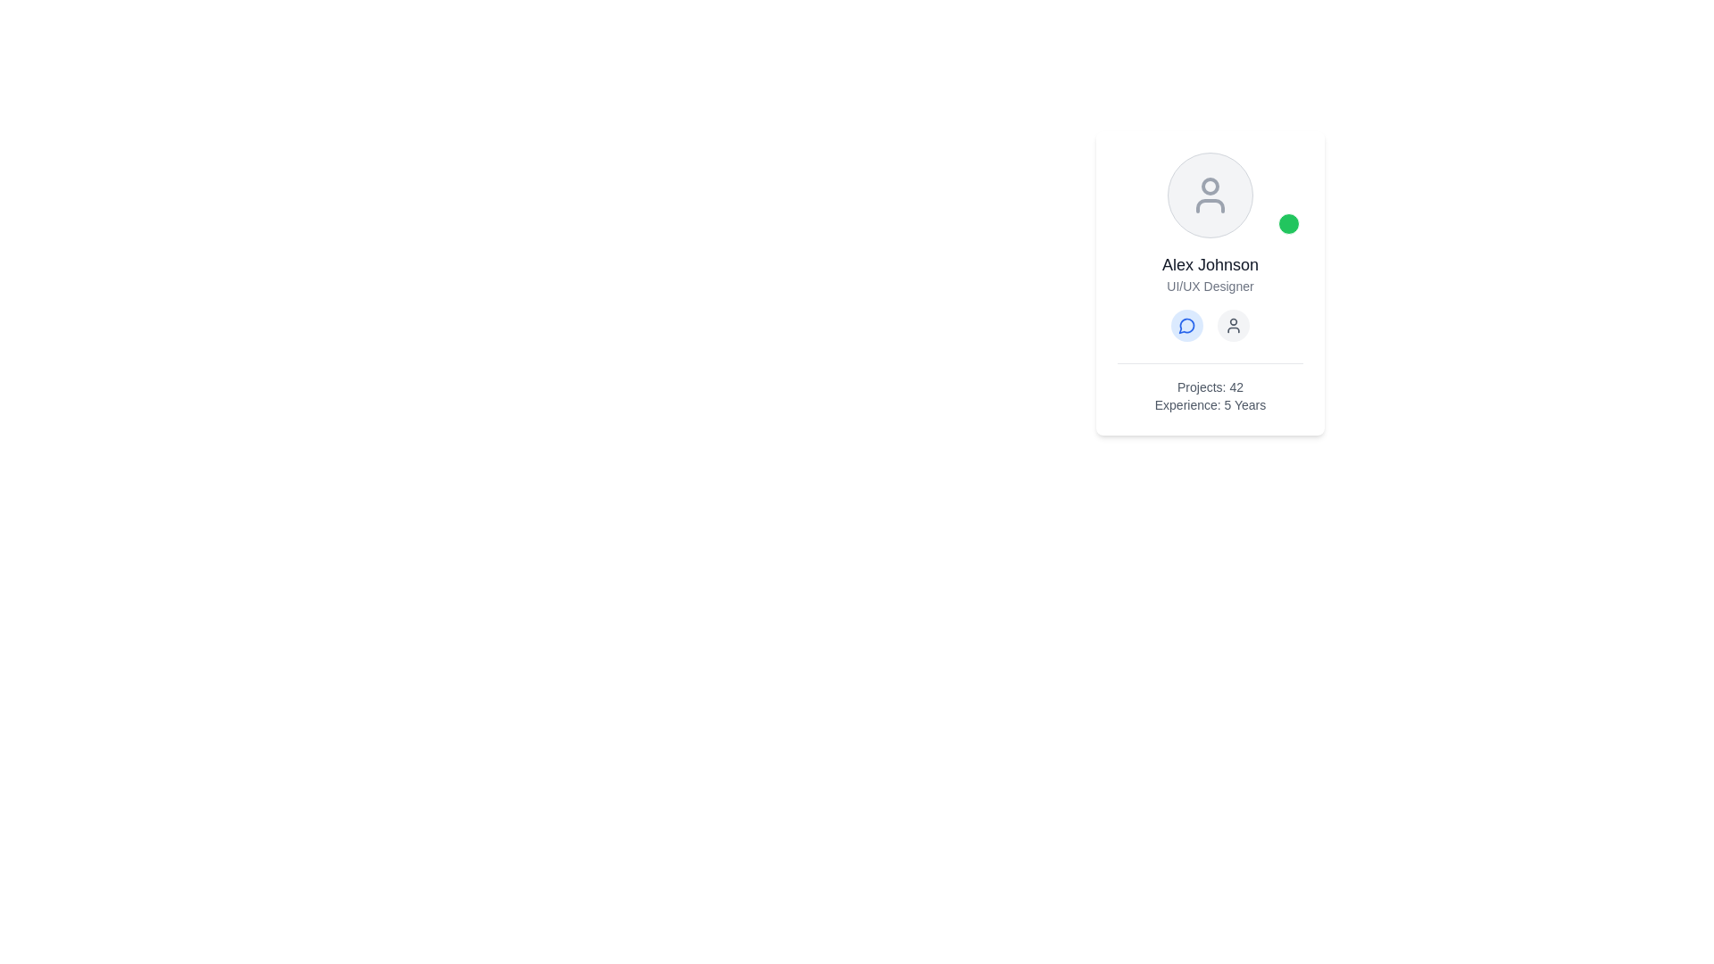  What do you see at coordinates (1211, 195) in the screenshot?
I see `the Profile Placeholder circular element with a user icon, located at the top of the card above the text 'Alex Johnson'` at bounding box center [1211, 195].